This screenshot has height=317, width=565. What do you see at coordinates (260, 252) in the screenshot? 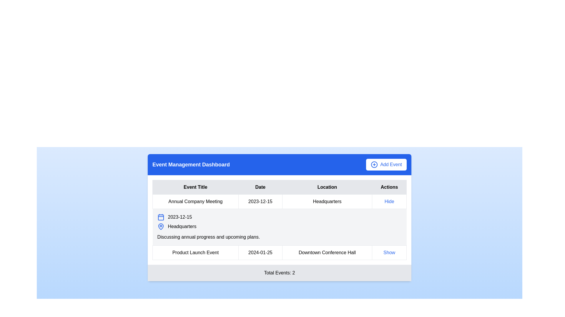
I see `the text label displaying the date '2024-01-25', which is the second item in the event details list, positioned between 'Product Launch Event' and 'Downtown Conference Hall'` at bounding box center [260, 252].